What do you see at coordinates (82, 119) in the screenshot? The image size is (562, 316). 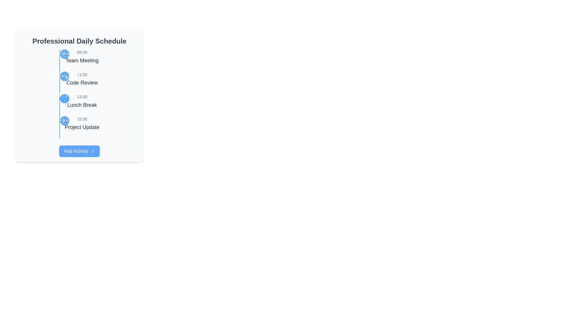 I see `the time indicator Text Label for the 'Project Update' entry in the daily schedule timeline, located between '13:00 Lunch Break' and 'Add Activity' button` at bounding box center [82, 119].